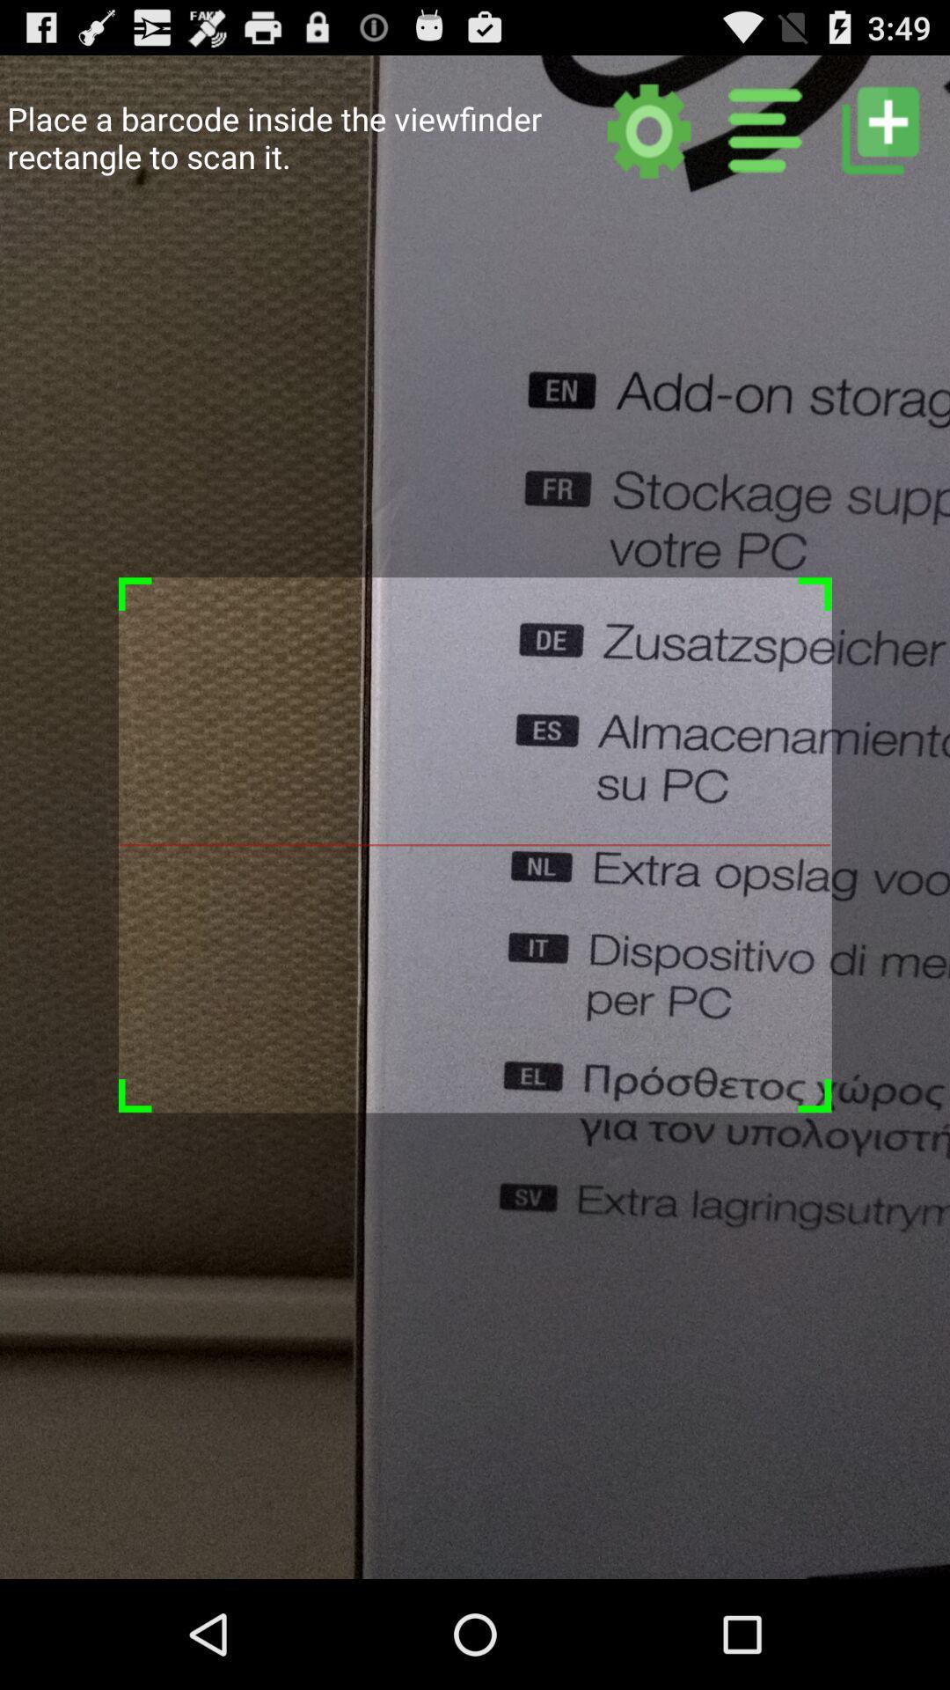 This screenshot has width=950, height=1690. Describe the element at coordinates (649, 129) in the screenshot. I see `icon next to place a barcode` at that location.